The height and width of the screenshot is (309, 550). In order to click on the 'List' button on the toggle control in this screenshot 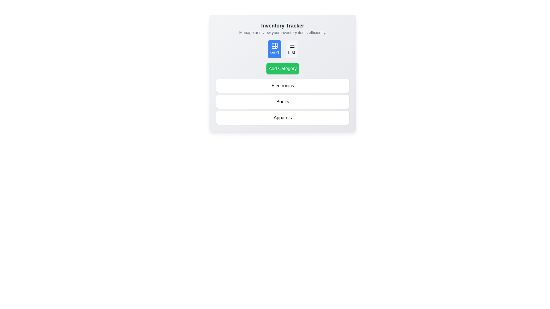, I will do `click(283, 49)`.